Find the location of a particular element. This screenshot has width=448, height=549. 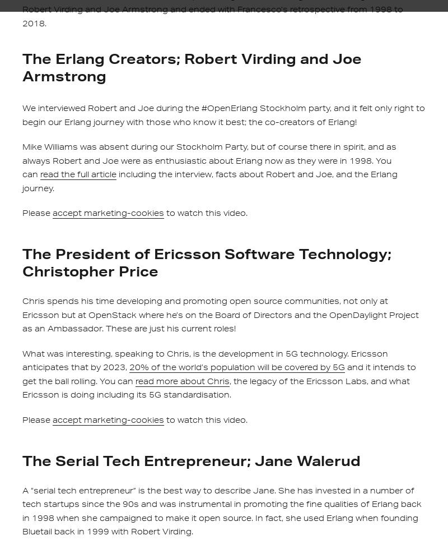

'read the full article' is located at coordinates (78, 174).